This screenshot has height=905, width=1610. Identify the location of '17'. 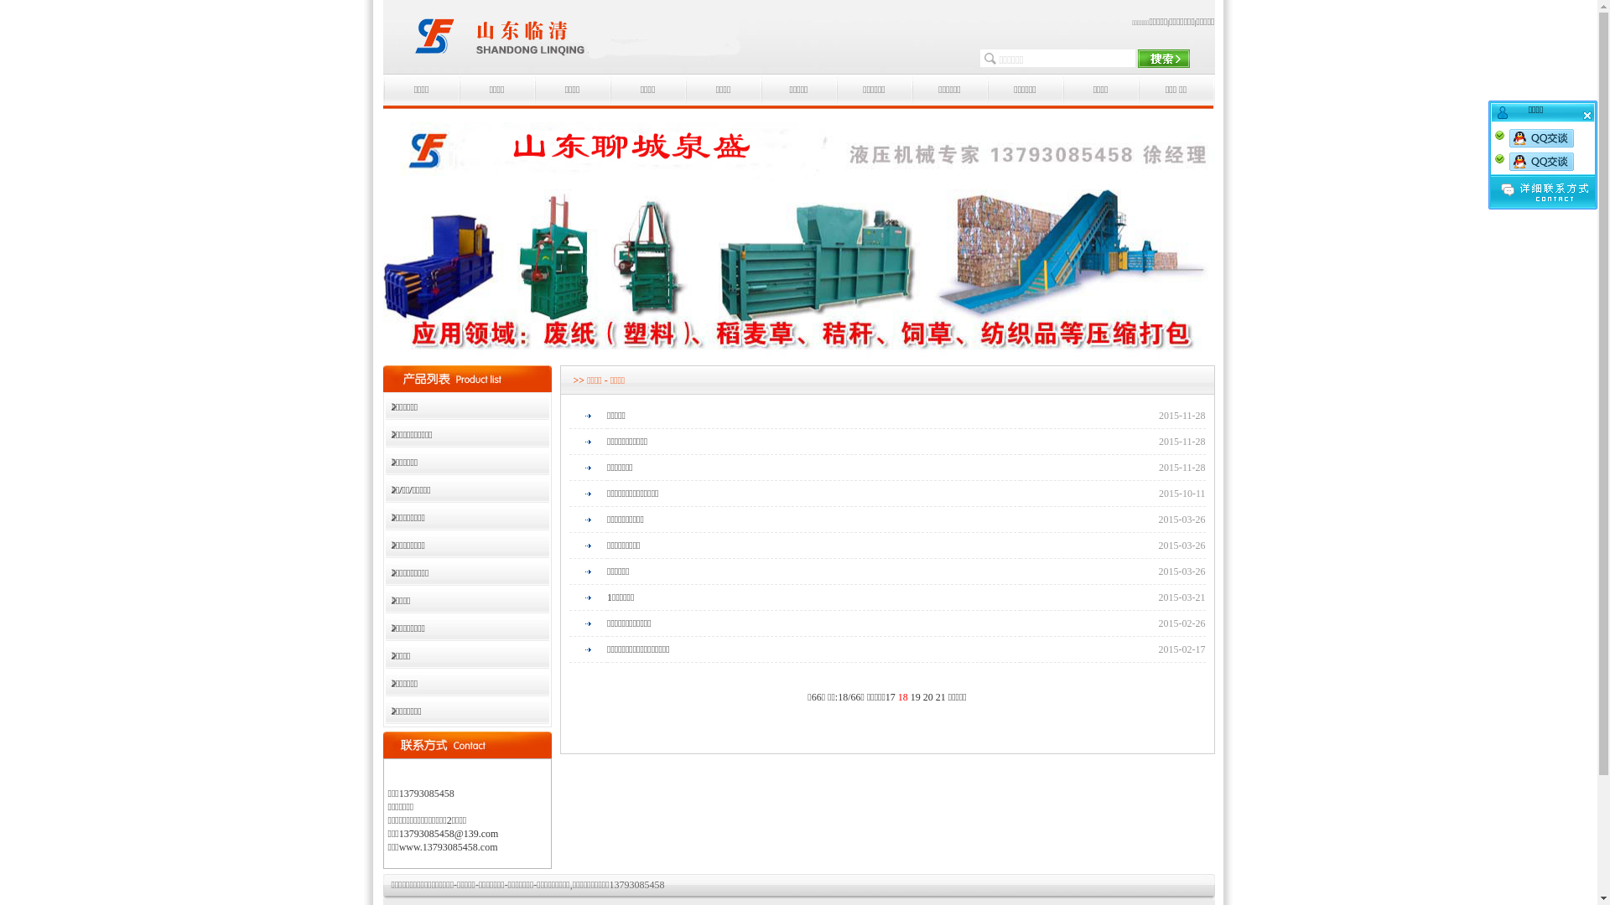
(885, 697).